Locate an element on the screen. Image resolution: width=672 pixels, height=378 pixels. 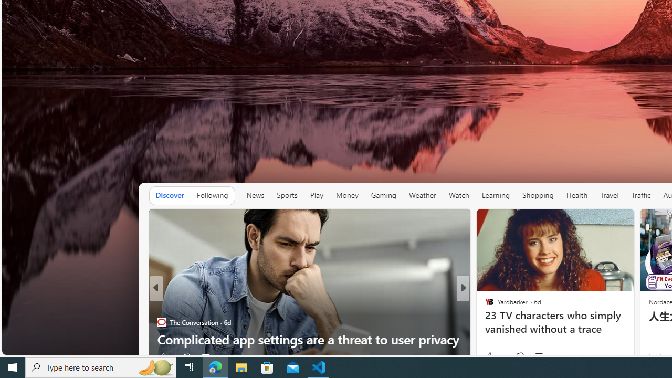
'Start the conversation' is located at coordinates (532, 357).